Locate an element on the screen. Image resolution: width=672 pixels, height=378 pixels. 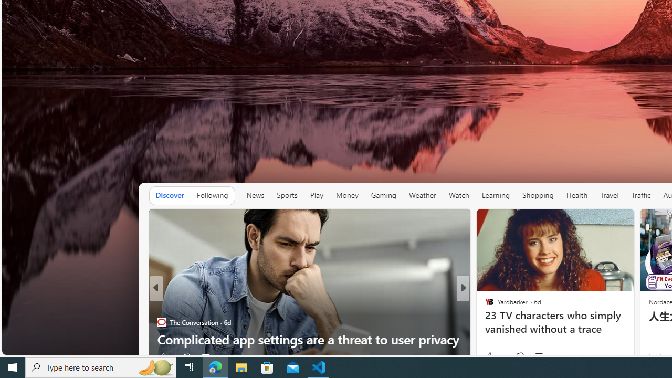
'Start the conversation' is located at coordinates (532, 357).